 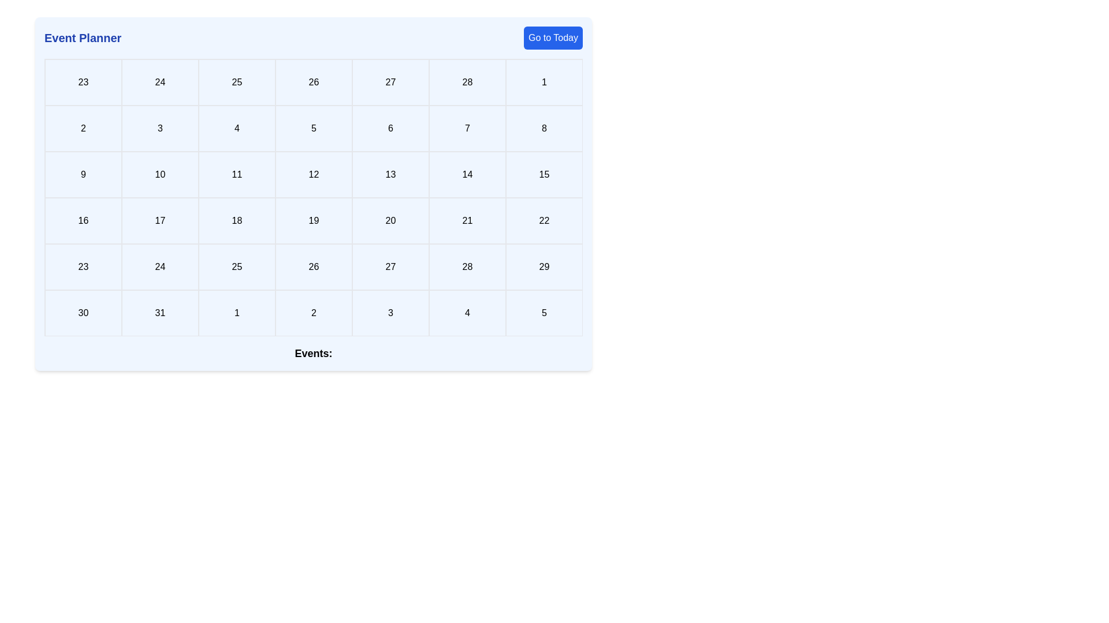 What do you see at coordinates (467, 129) in the screenshot?
I see `the calendar cell element representing the 7th day in the calendar view, located in the second row and seventh column of the grid layout` at bounding box center [467, 129].